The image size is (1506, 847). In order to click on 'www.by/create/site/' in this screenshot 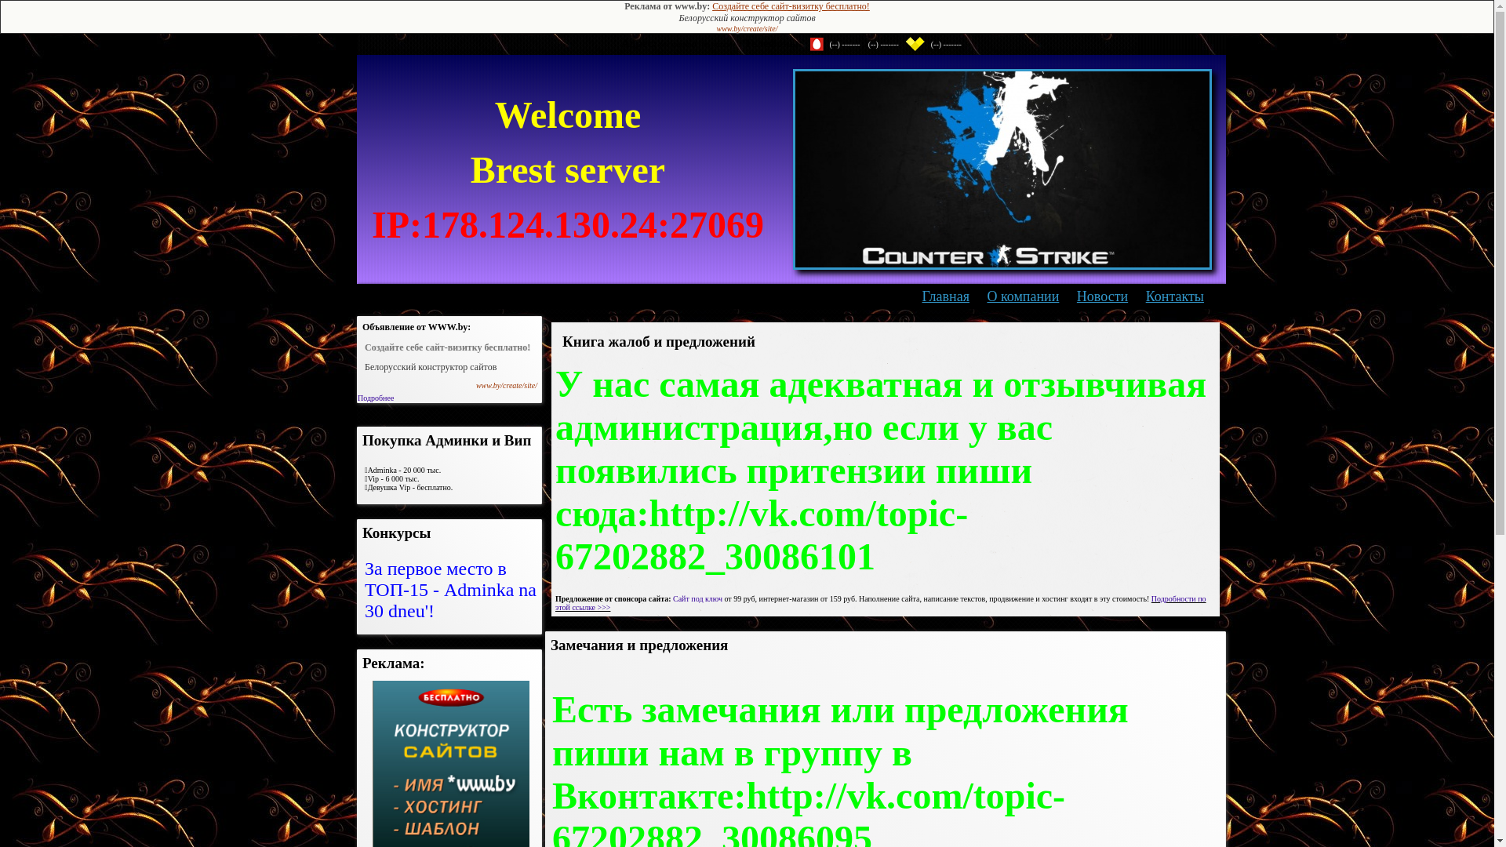, I will do `click(745, 28)`.